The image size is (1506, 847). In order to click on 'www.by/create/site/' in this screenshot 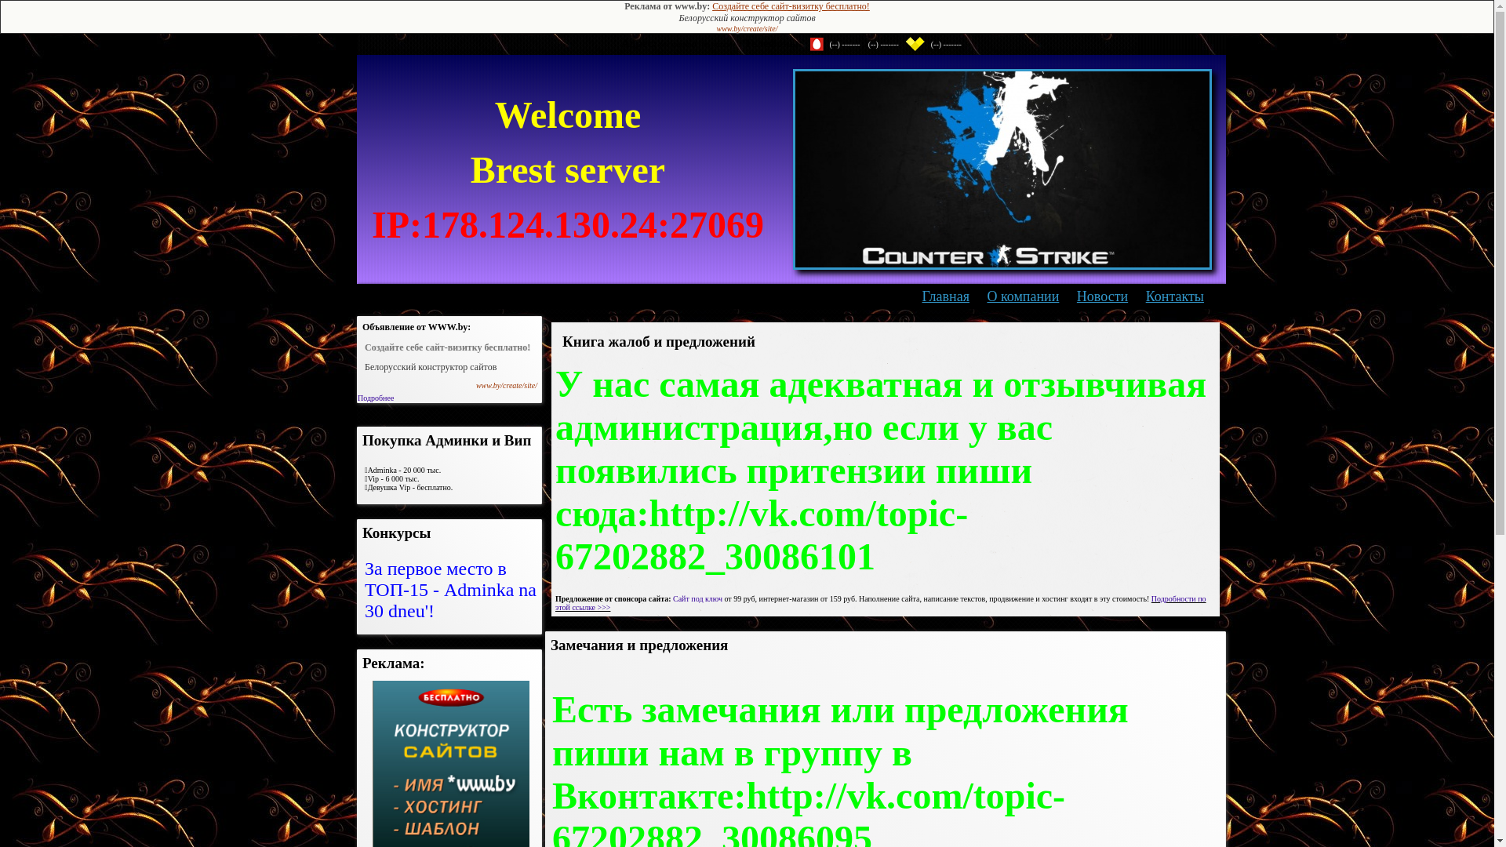, I will do `click(745, 28)`.